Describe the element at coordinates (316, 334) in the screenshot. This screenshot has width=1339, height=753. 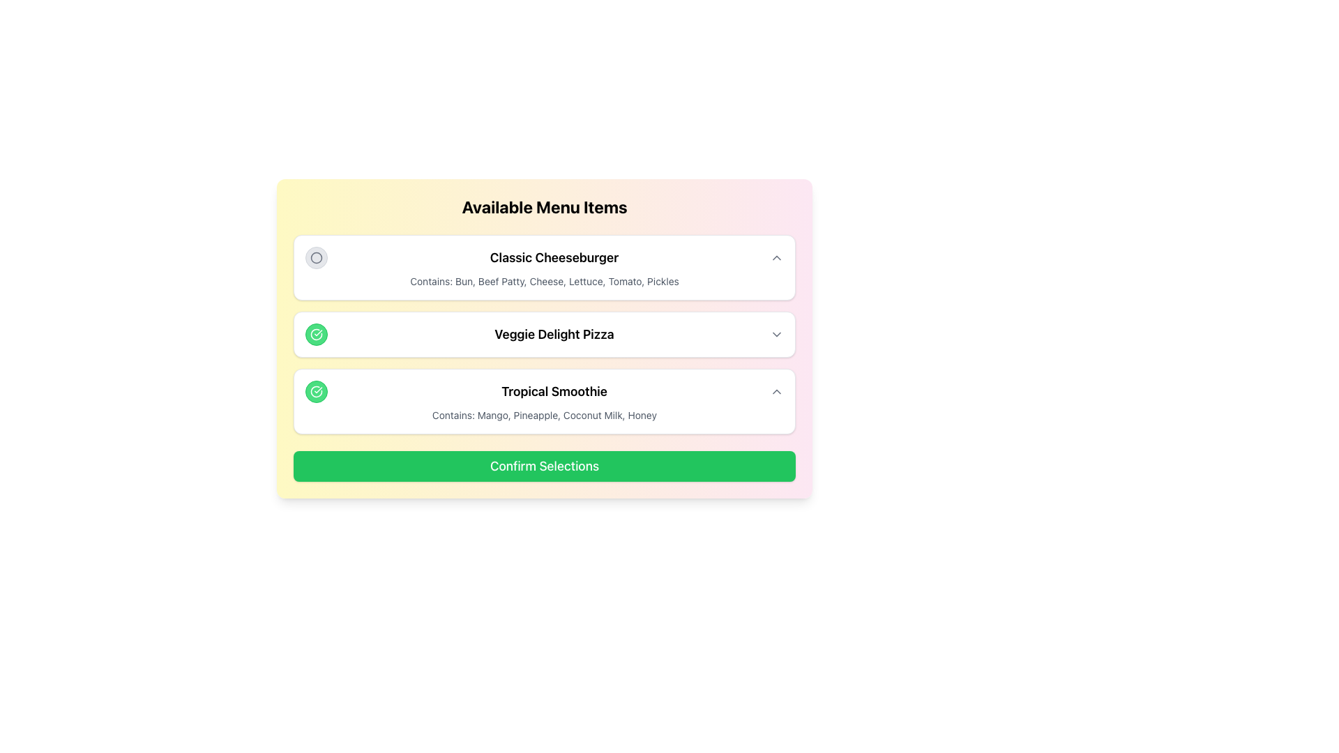
I see `the circular green icon with a white outline and checkmark, located to the left of the text 'Tropical Smoothie' for a tooltip display` at that location.